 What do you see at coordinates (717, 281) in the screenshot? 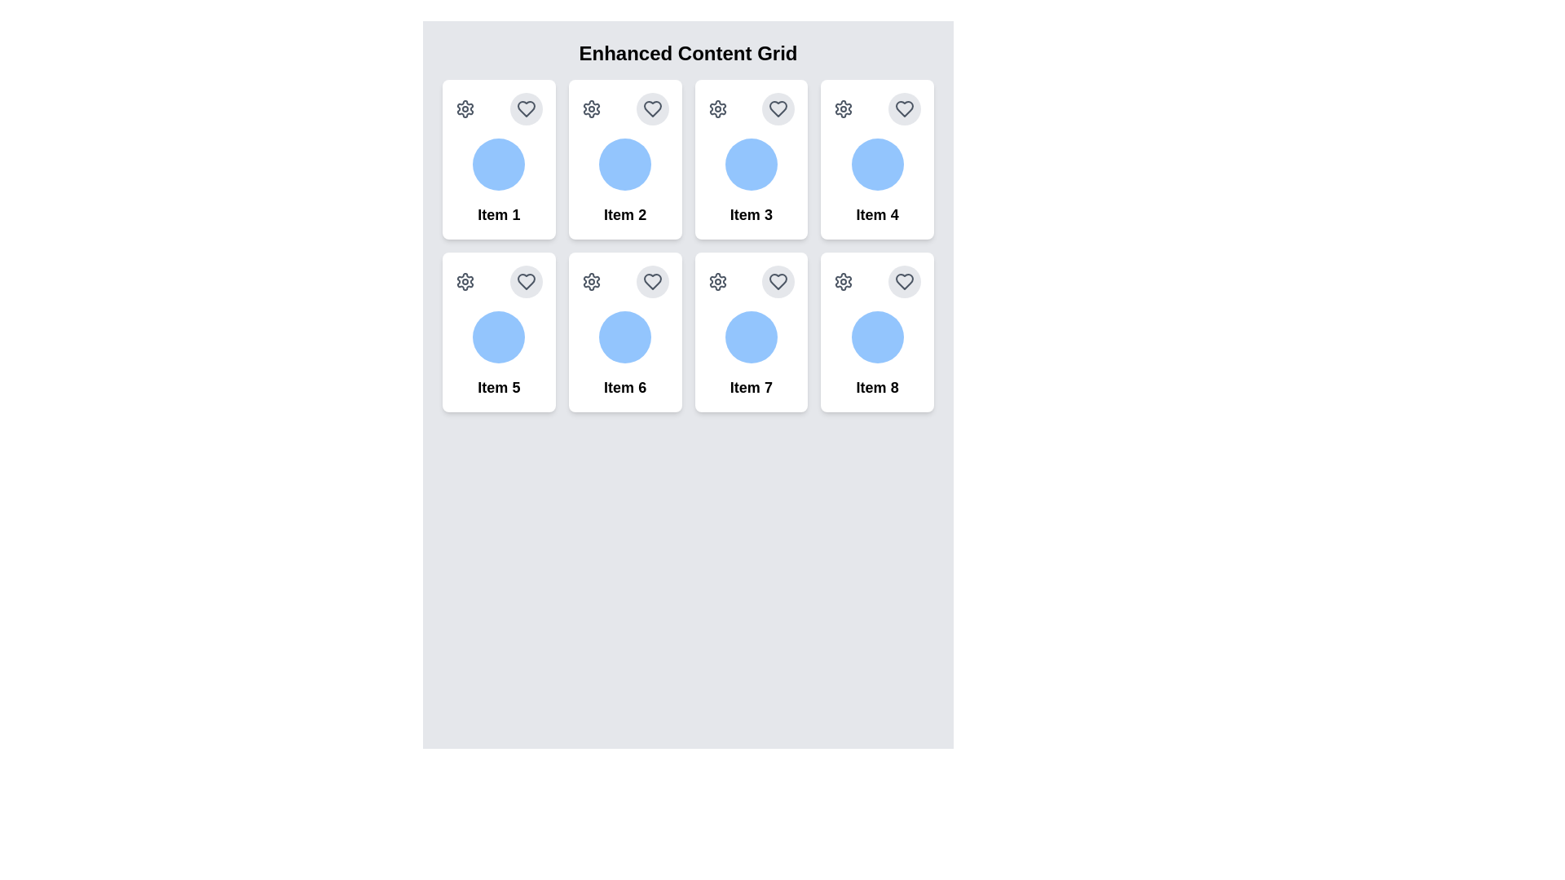
I see `the gear icon located in the top-left corner of the card` at bounding box center [717, 281].